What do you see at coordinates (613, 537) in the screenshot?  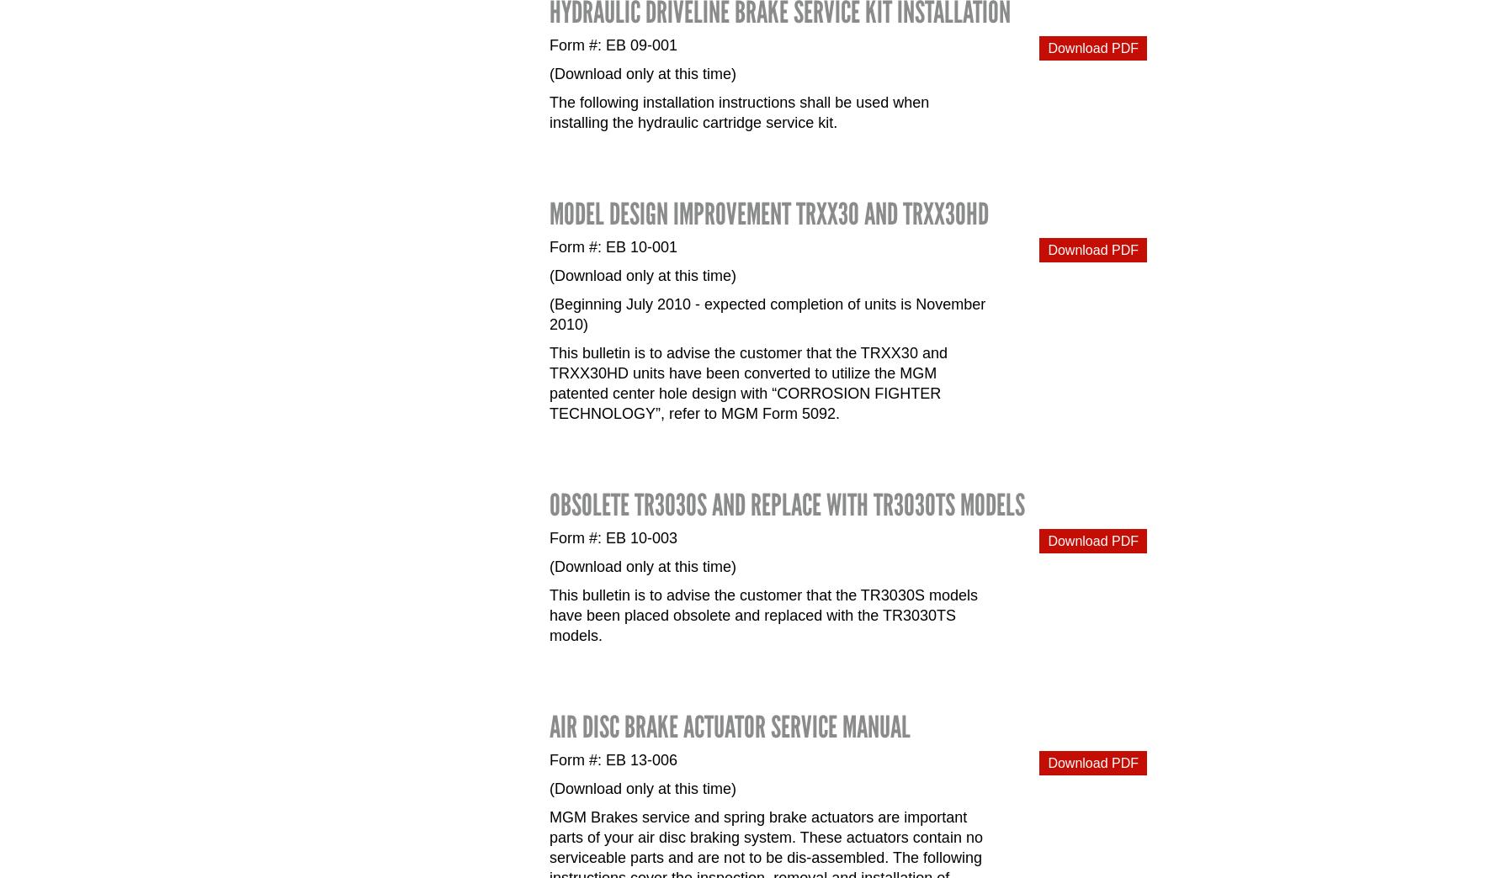 I see `'Form #: EB 10-003'` at bounding box center [613, 537].